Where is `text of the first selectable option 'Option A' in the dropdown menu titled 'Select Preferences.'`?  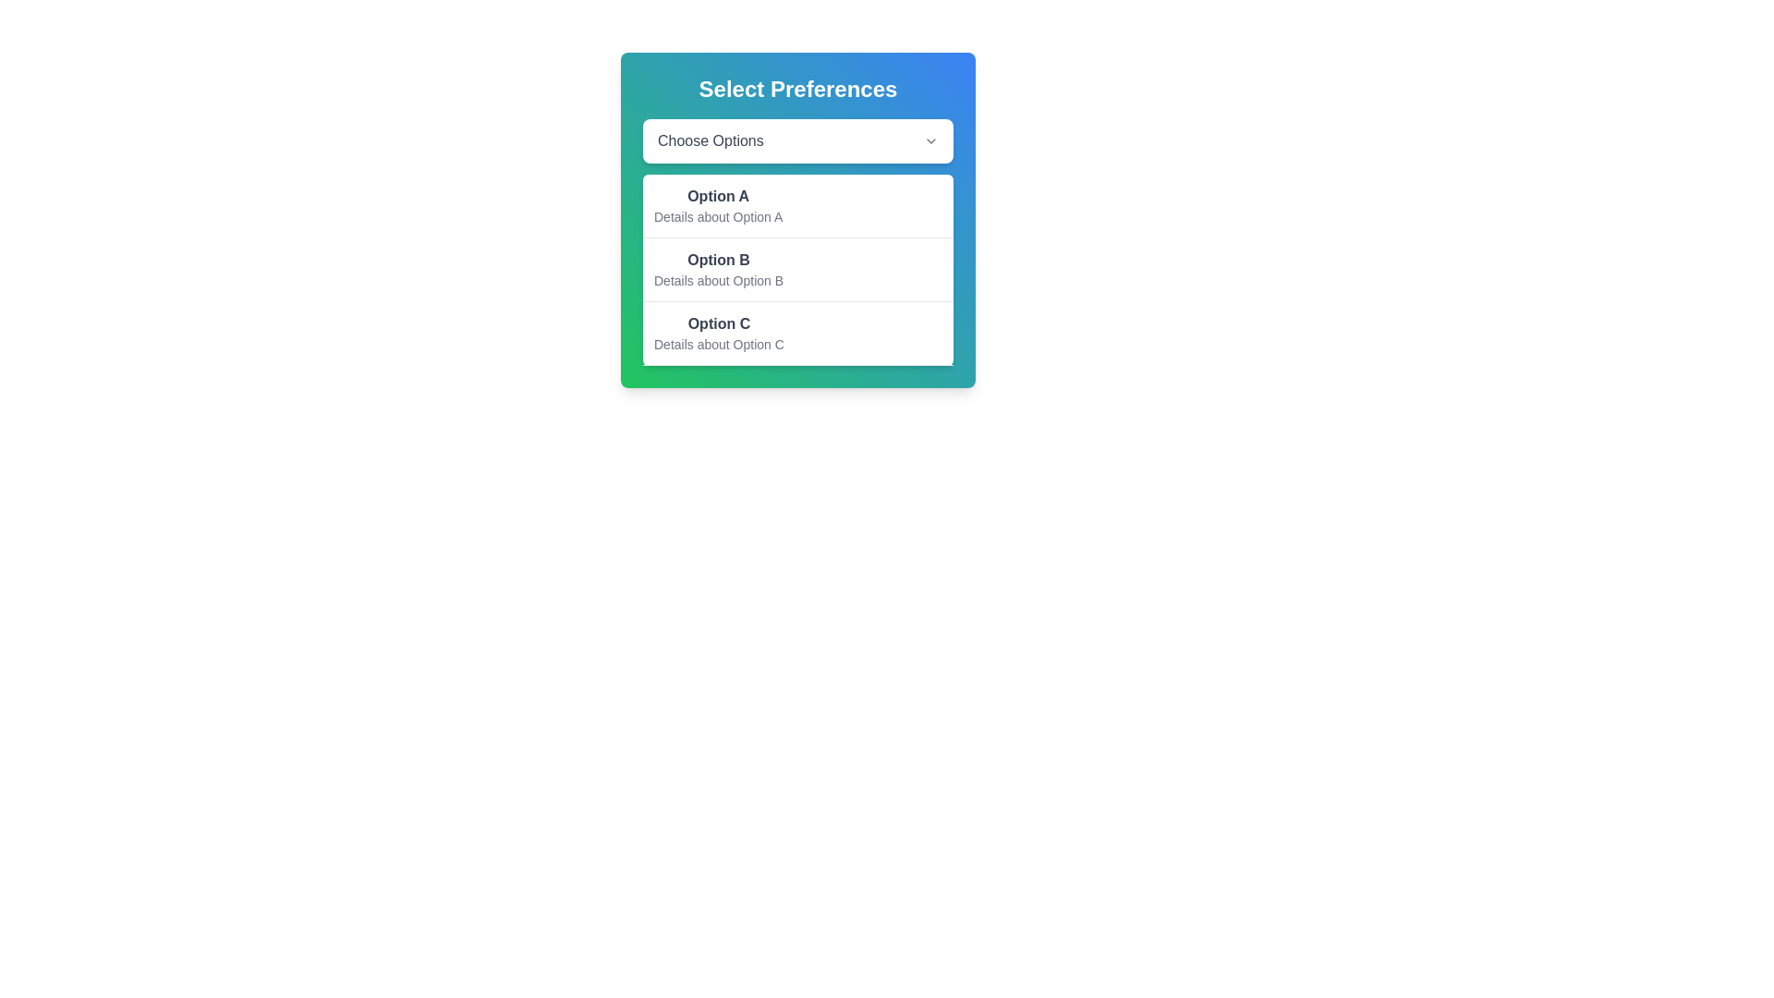 text of the first selectable option 'Option A' in the dropdown menu titled 'Select Preferences.' is located at coordinates (717, 196).